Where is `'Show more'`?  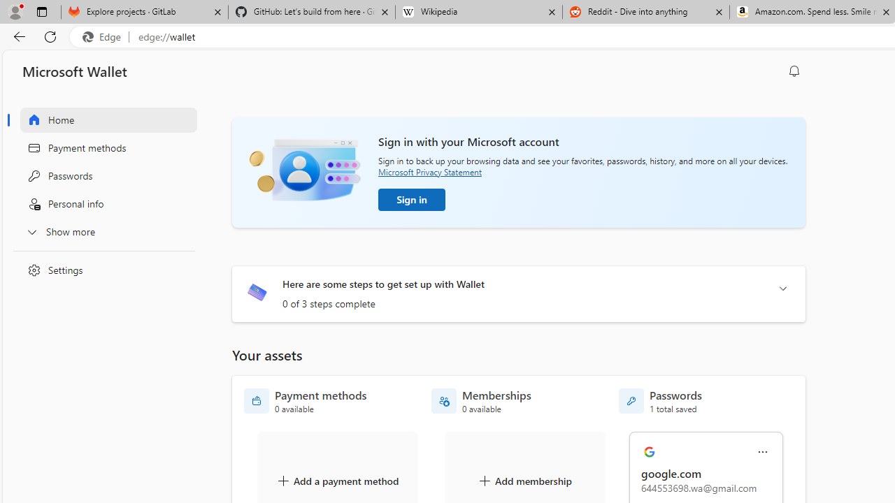
'Show more' is located at coordinates (100, 231).